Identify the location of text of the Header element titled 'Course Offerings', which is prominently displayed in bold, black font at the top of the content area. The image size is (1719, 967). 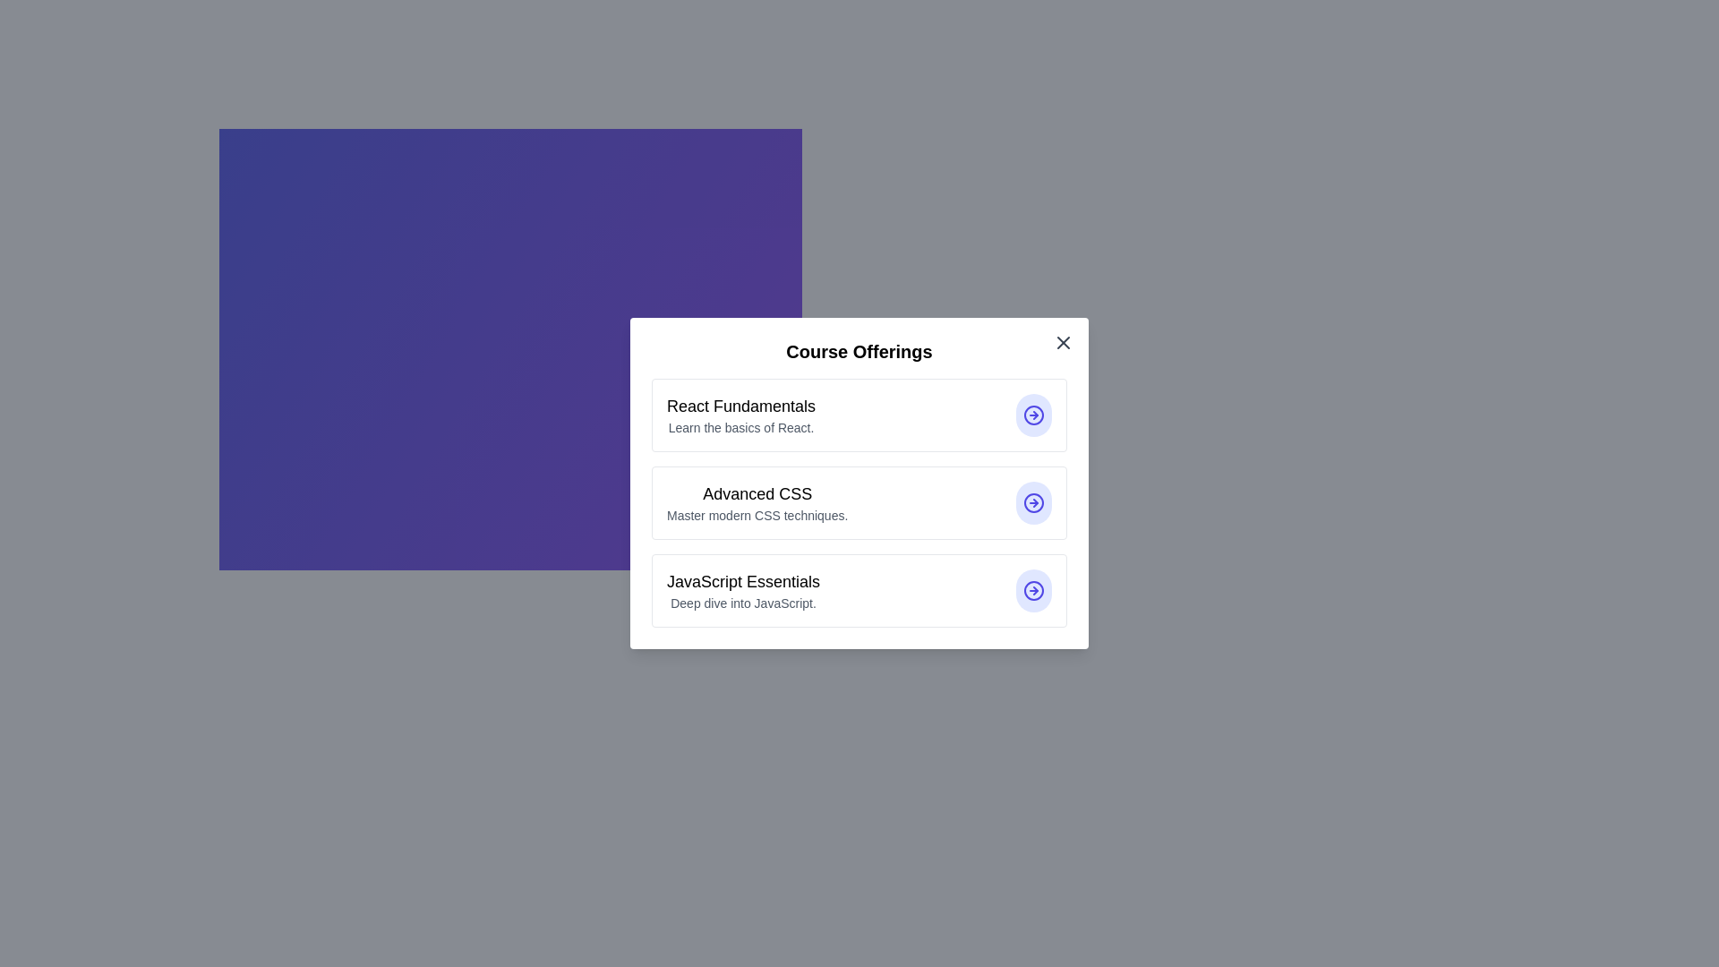
(859, 352).